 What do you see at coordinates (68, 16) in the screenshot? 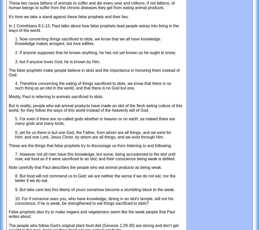
I see `'It’s time we take a stand against these false prophets and their lies.'` at bounding box center [68, 16].